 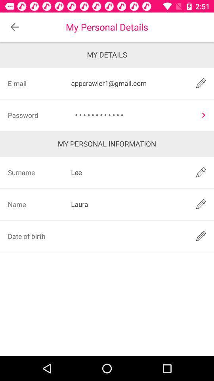 What do you see at coordinates (128, 172) in the screenshot?
I see `icon to the right of surname icon` at bounding box center [128, 172].